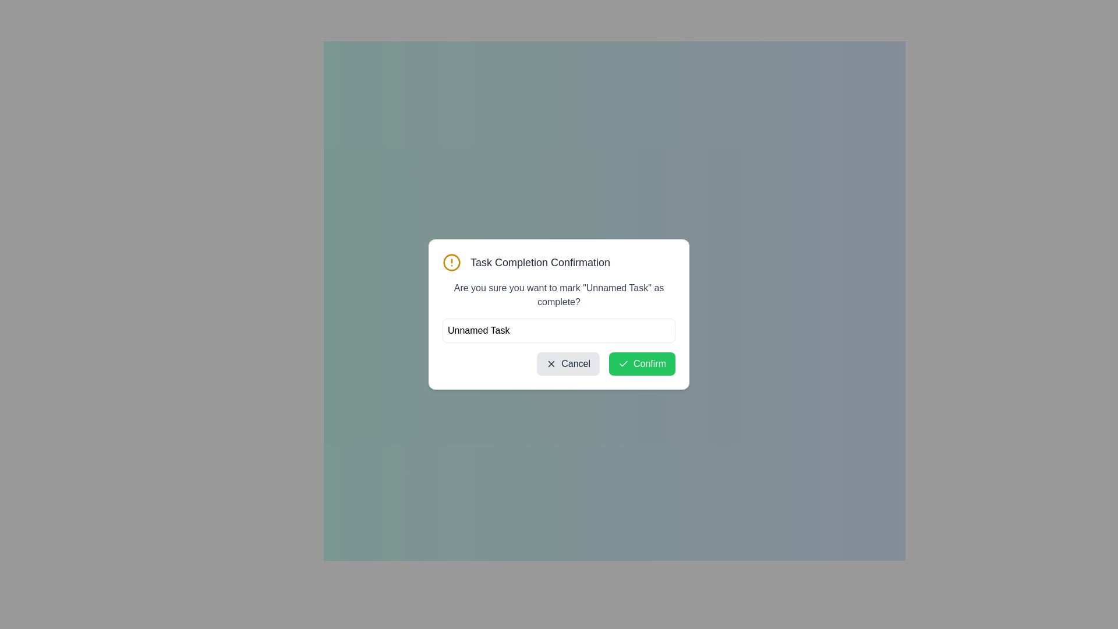  Describe the element at coordinates (451, 263) in the screenshot. I see `the yellow circular warning icon with an exclamation mark located on the left side of the 'Task Completion Confirmation' text` at that location.